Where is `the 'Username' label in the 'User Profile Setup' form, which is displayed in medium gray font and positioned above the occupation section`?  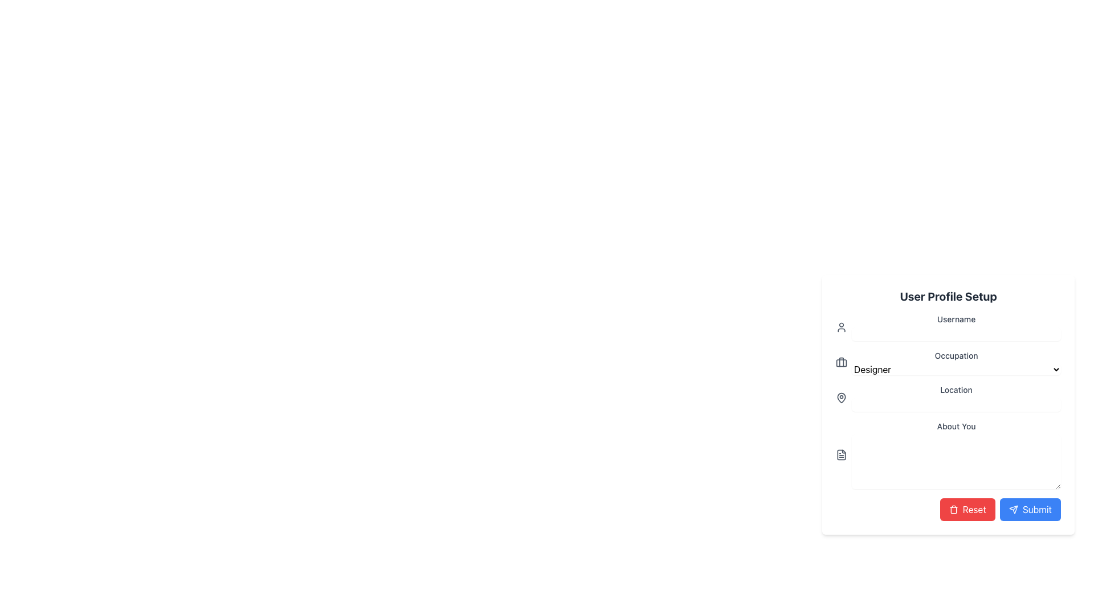
the 'Username' label in the 'User Profile Setup' form, which is displayed in medium gray font and positioned above the occupation section is located at coordinates (956, 327).